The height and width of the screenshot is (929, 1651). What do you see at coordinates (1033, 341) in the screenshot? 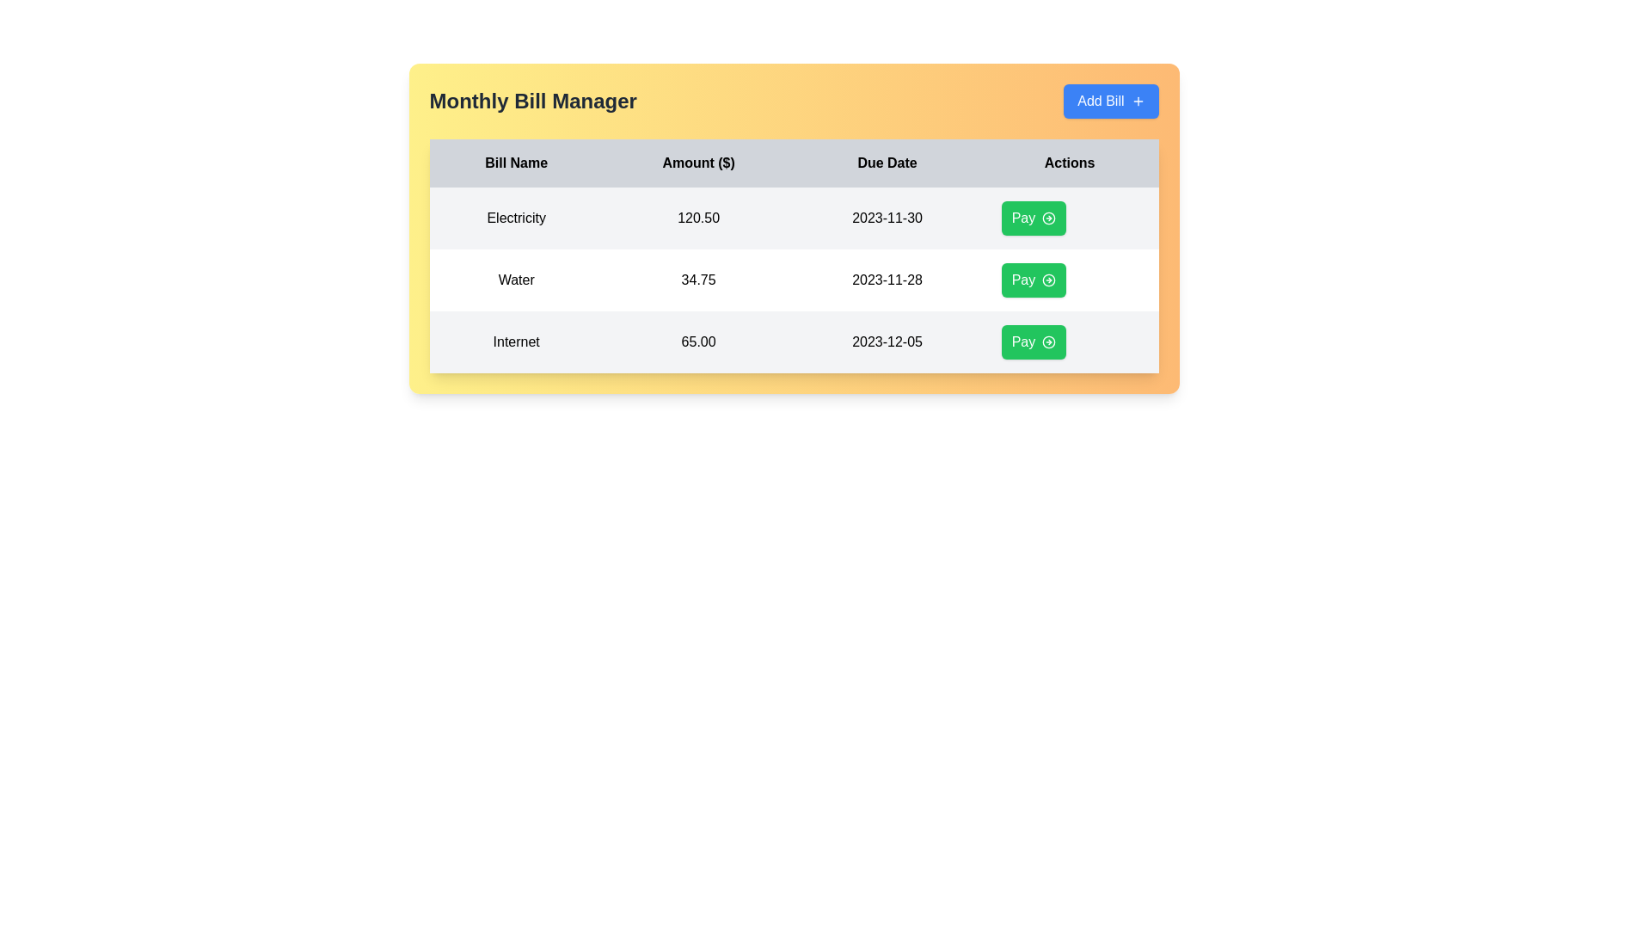
I see `the payment button in the 'Actions' column of the last row for the Internet bill of $65.00 to indicate its interactivity` at bounding box center [1033, 341].